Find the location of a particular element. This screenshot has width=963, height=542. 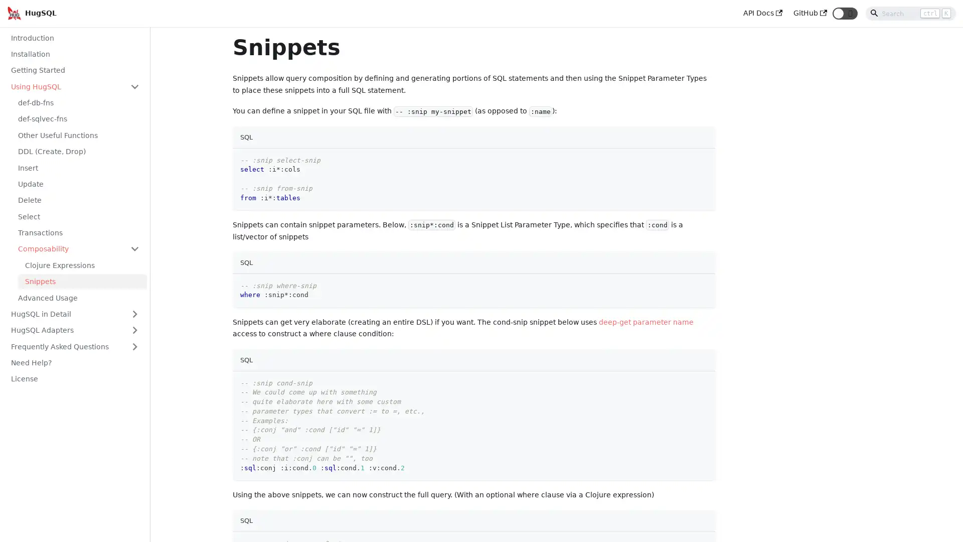

Copy code to clipboard is located at coordinates (699, 284).